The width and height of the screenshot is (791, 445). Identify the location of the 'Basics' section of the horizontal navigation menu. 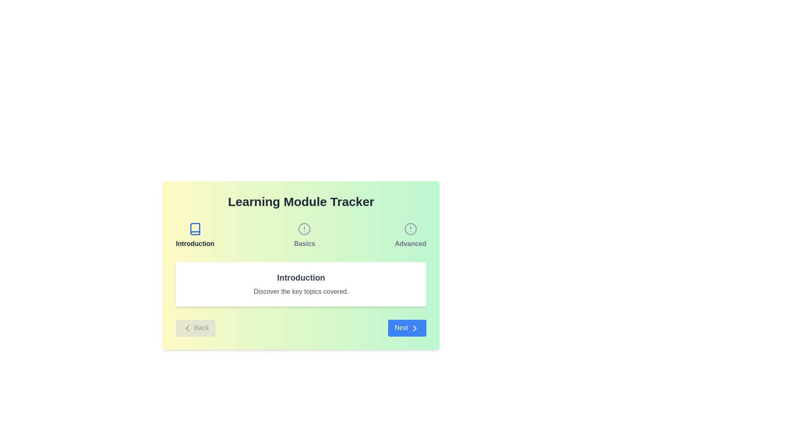
(300, 235).